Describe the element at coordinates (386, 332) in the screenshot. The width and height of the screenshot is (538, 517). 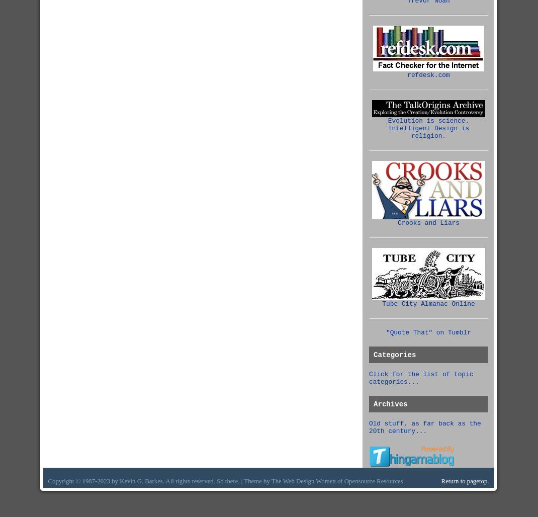
I see `'"Quote That" on Tumblr'` at that location.